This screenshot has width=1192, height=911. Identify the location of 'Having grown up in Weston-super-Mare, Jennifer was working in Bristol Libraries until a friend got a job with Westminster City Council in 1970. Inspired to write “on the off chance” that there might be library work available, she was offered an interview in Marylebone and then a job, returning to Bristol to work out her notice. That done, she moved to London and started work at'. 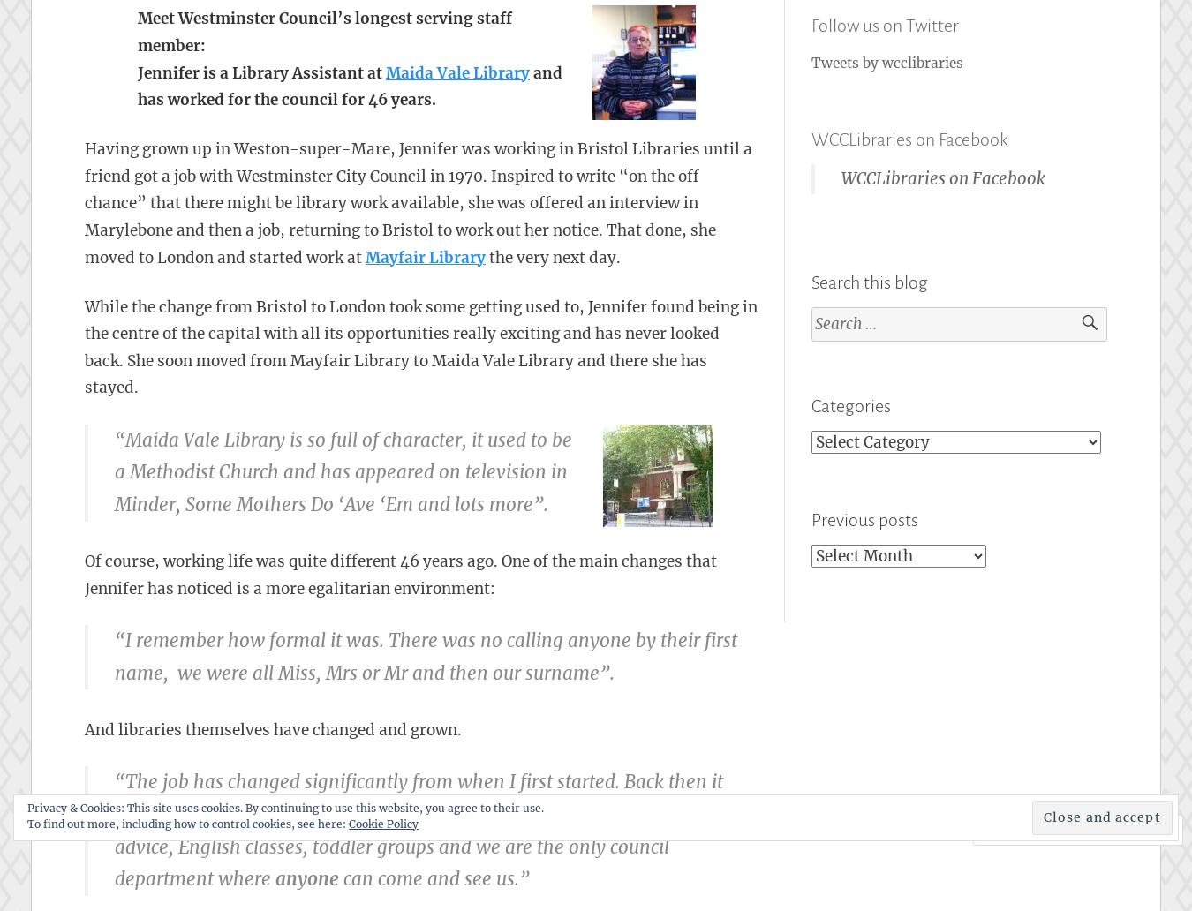
(417, 202).